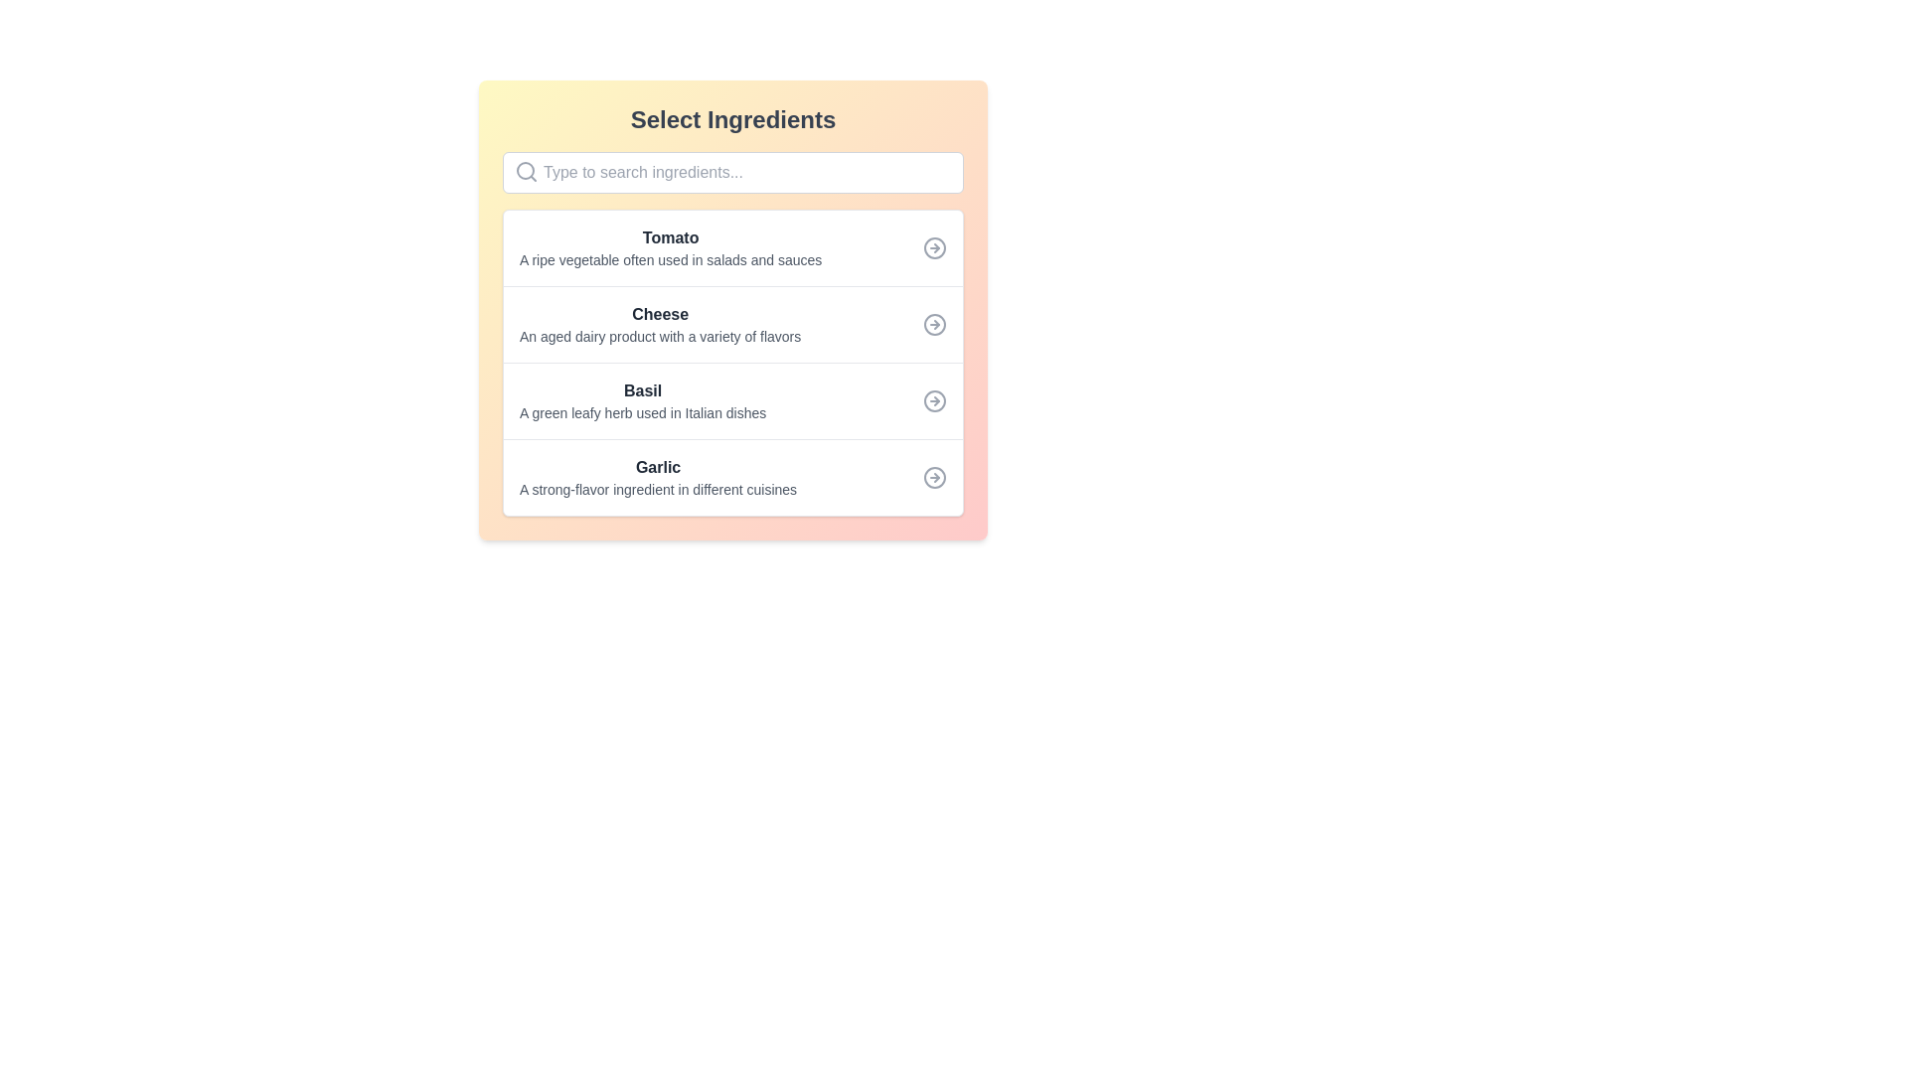 This screenshot has height=1073, width=1908. What do you see at coordinates (658, 478) in the screenshot?
I see `the text block displaying the title 'Garlic' and its description, which is aligned to the left and is the fourth row in the list of ingredients` at bounding box center [658, 478].